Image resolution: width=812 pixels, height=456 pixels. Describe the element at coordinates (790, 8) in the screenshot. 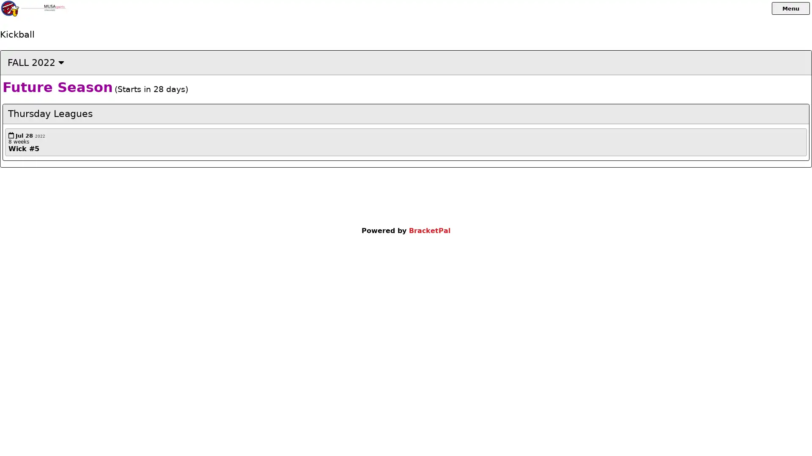

I see `Menu` at that location.